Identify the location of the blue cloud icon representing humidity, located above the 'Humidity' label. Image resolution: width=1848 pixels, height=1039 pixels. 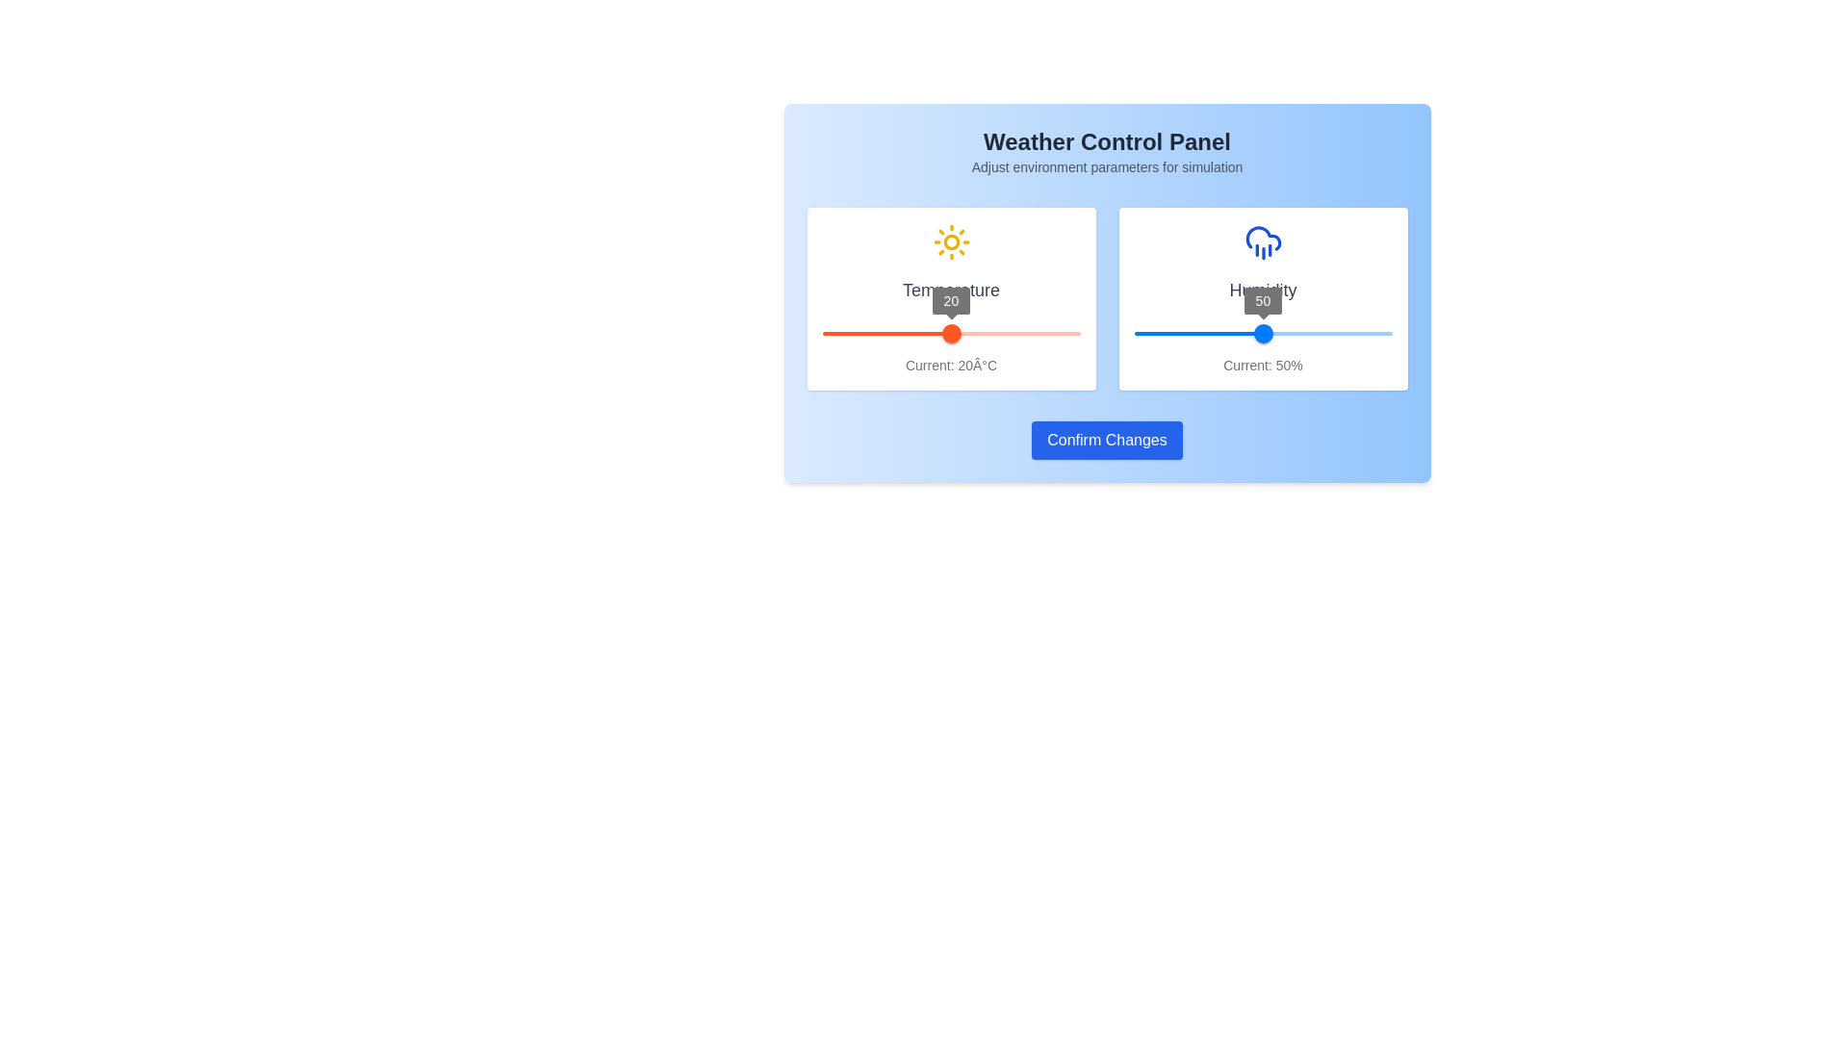
(1263, 241).